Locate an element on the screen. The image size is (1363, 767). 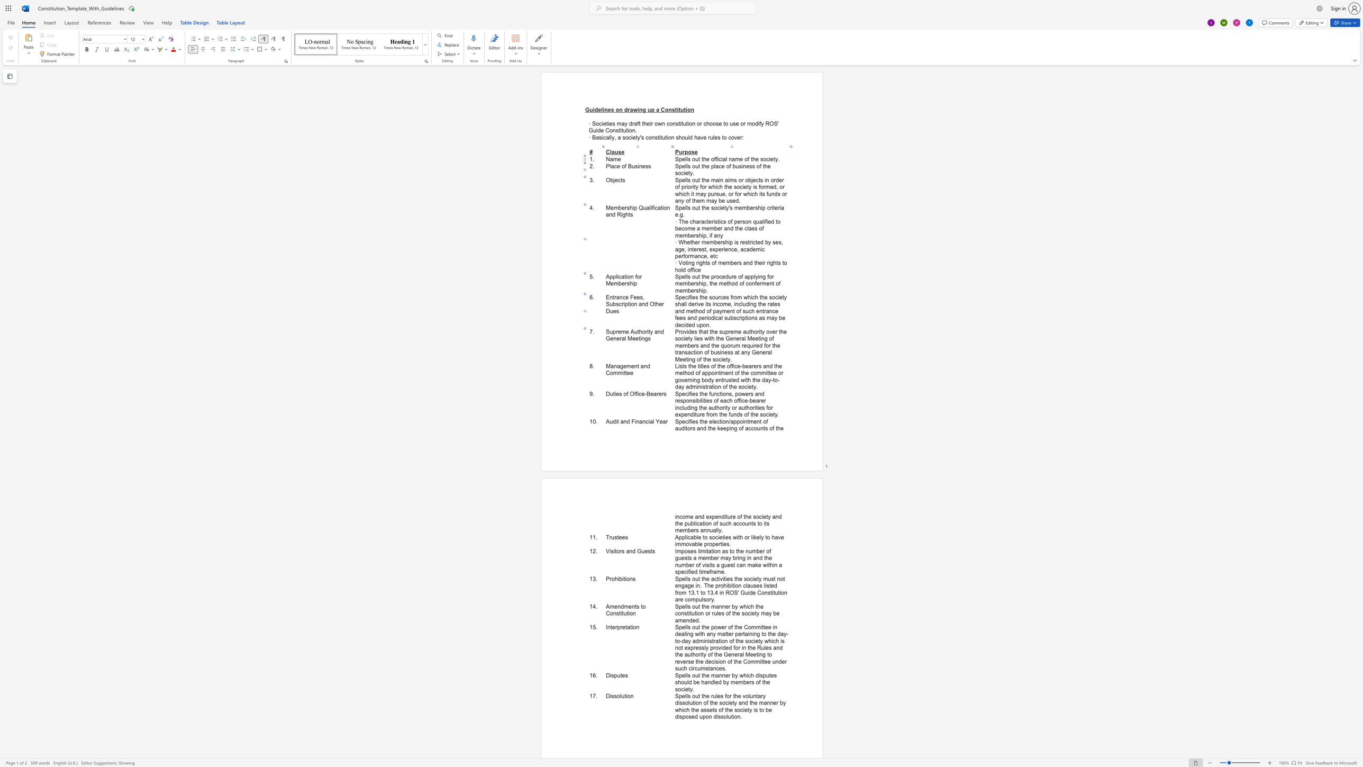
the 2th character "o" in the text is located at coordinates (755, 332).